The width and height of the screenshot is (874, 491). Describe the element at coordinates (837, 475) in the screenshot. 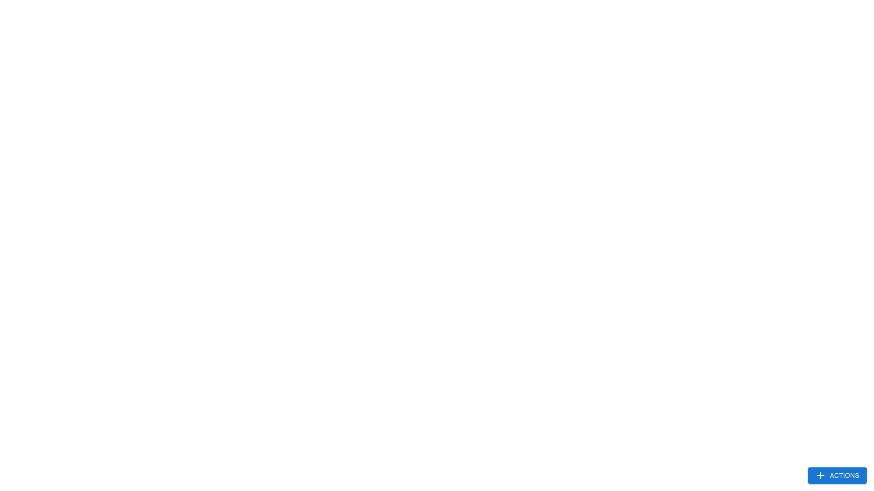

I see `the prominent floating button located at the bottom-right corner of the visible view to invoke an action` at that location.